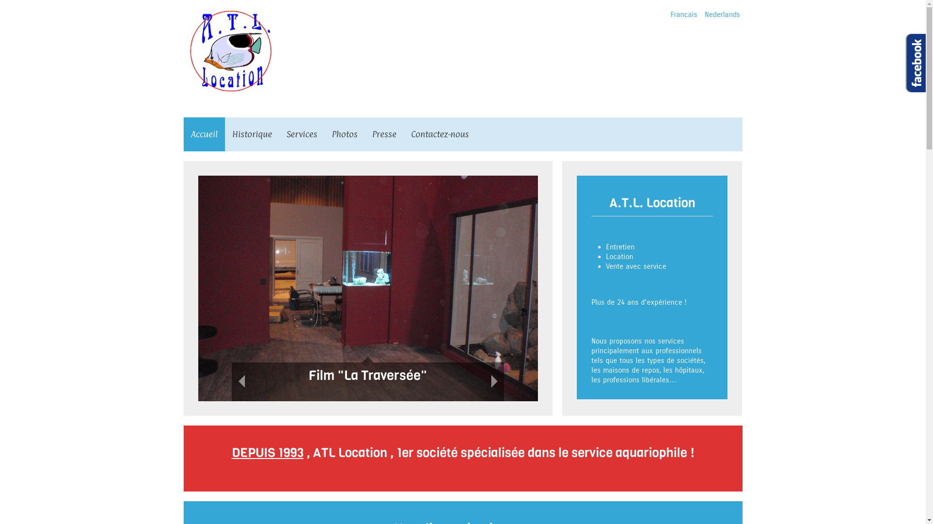 This screenshot has height=524, width=933. I want to click on 'Photos', so click(345, 134).